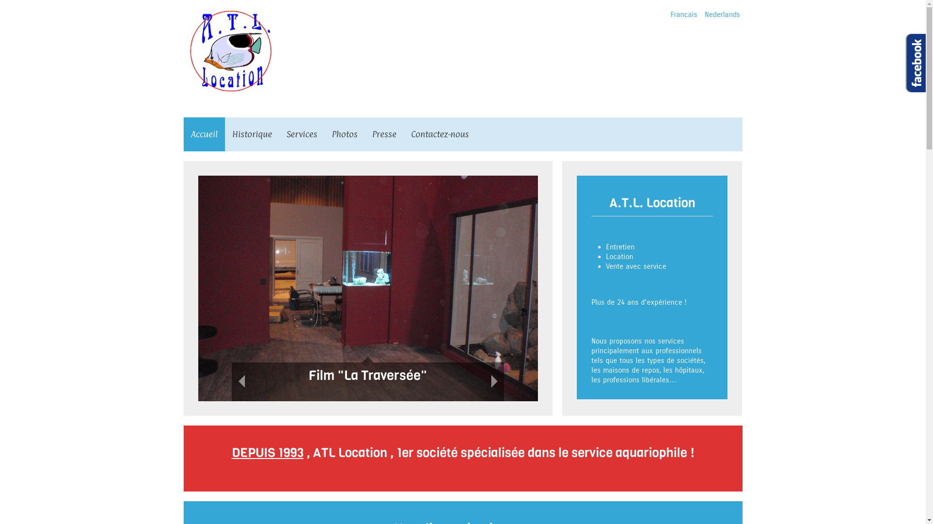 This screenshot has height=524, width=933. I want to click on 'Photos', so click(345, 134).